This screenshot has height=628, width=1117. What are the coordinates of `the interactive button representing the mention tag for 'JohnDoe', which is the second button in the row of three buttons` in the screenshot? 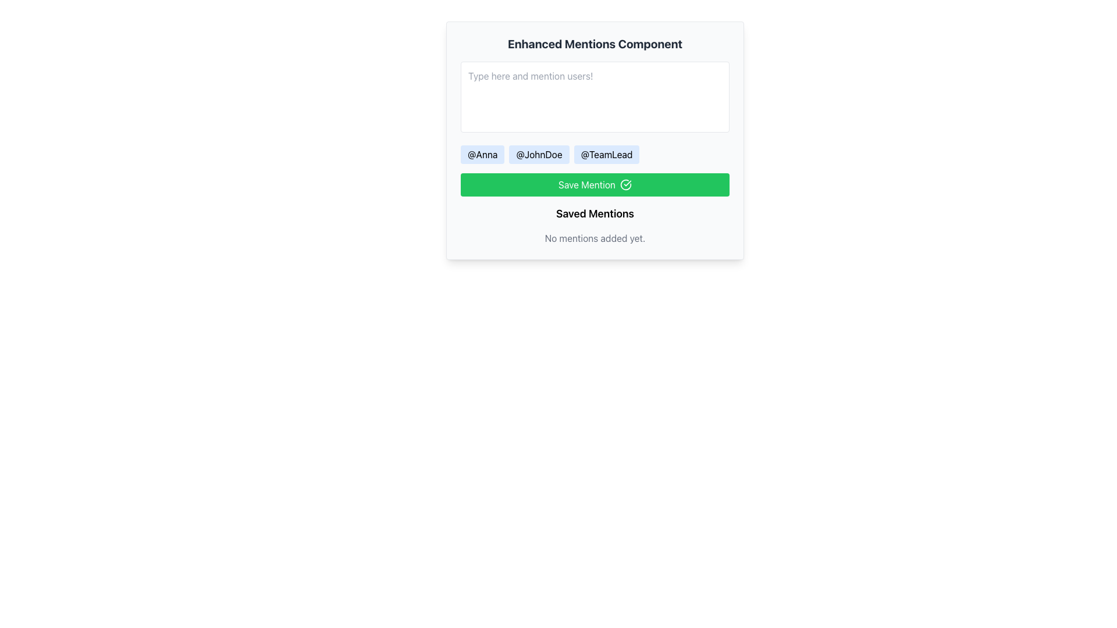 It's located at (538, 154).